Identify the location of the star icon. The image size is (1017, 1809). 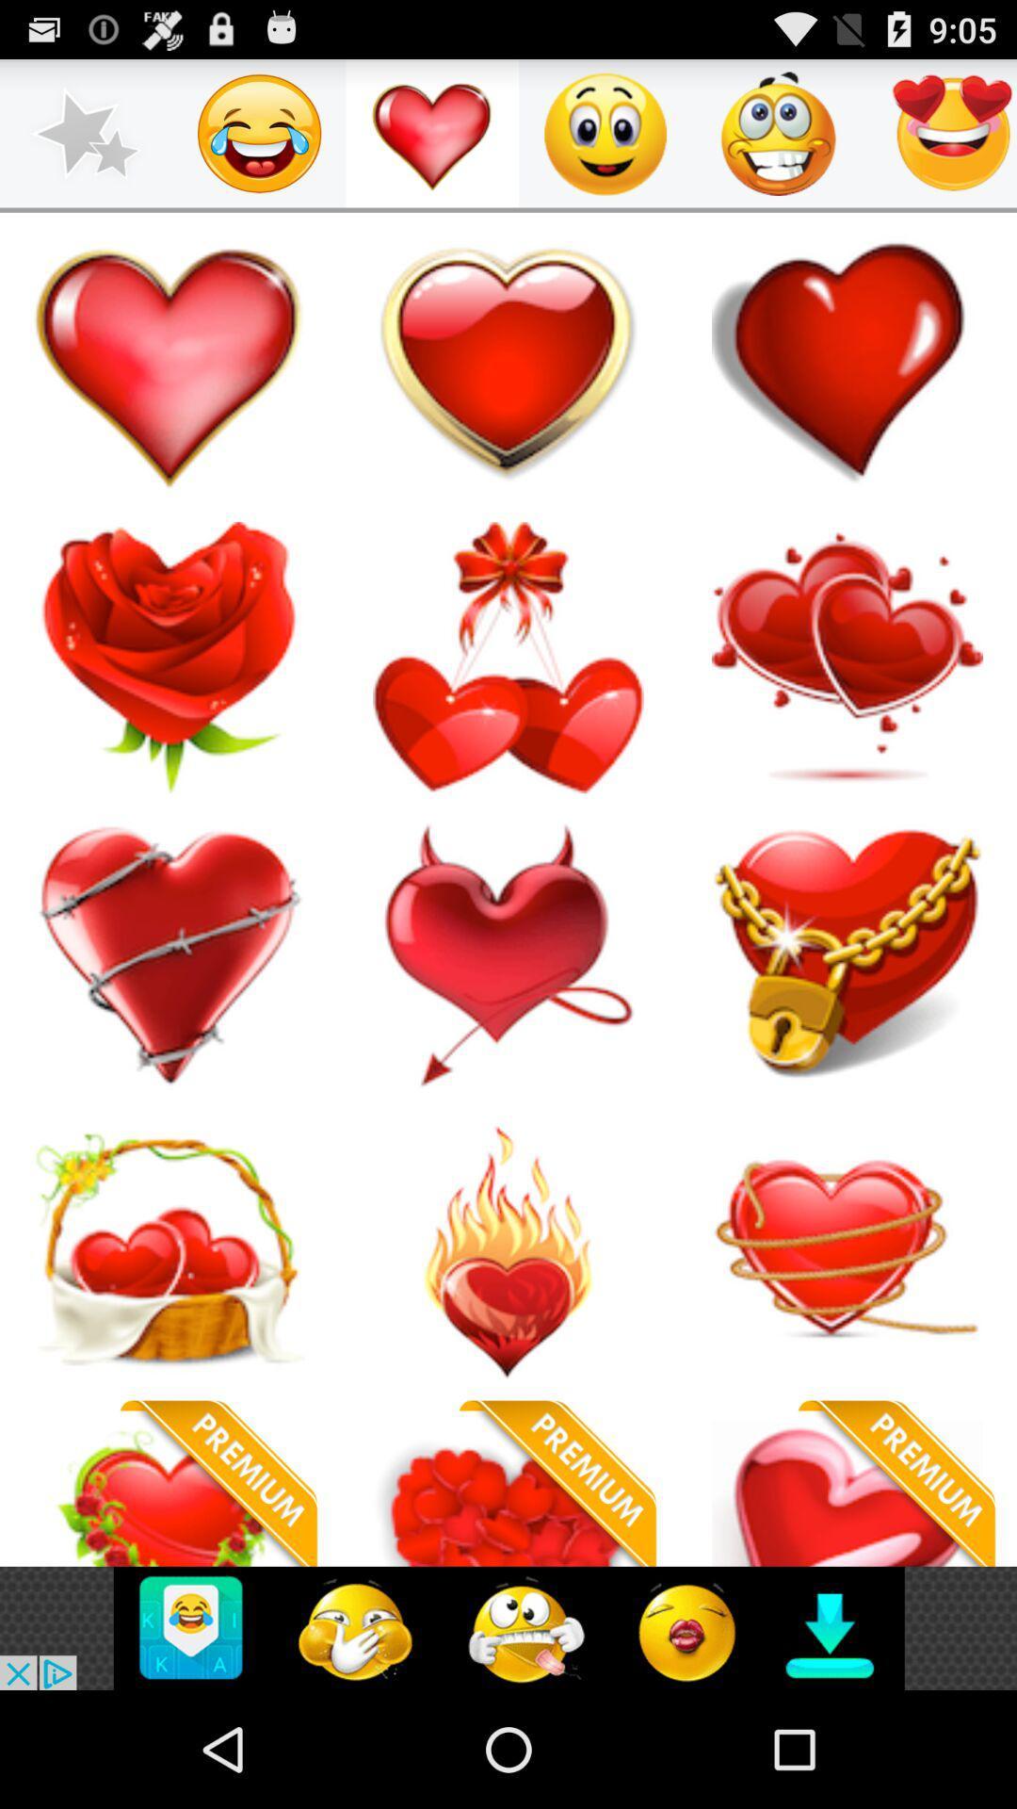
(86, 142).